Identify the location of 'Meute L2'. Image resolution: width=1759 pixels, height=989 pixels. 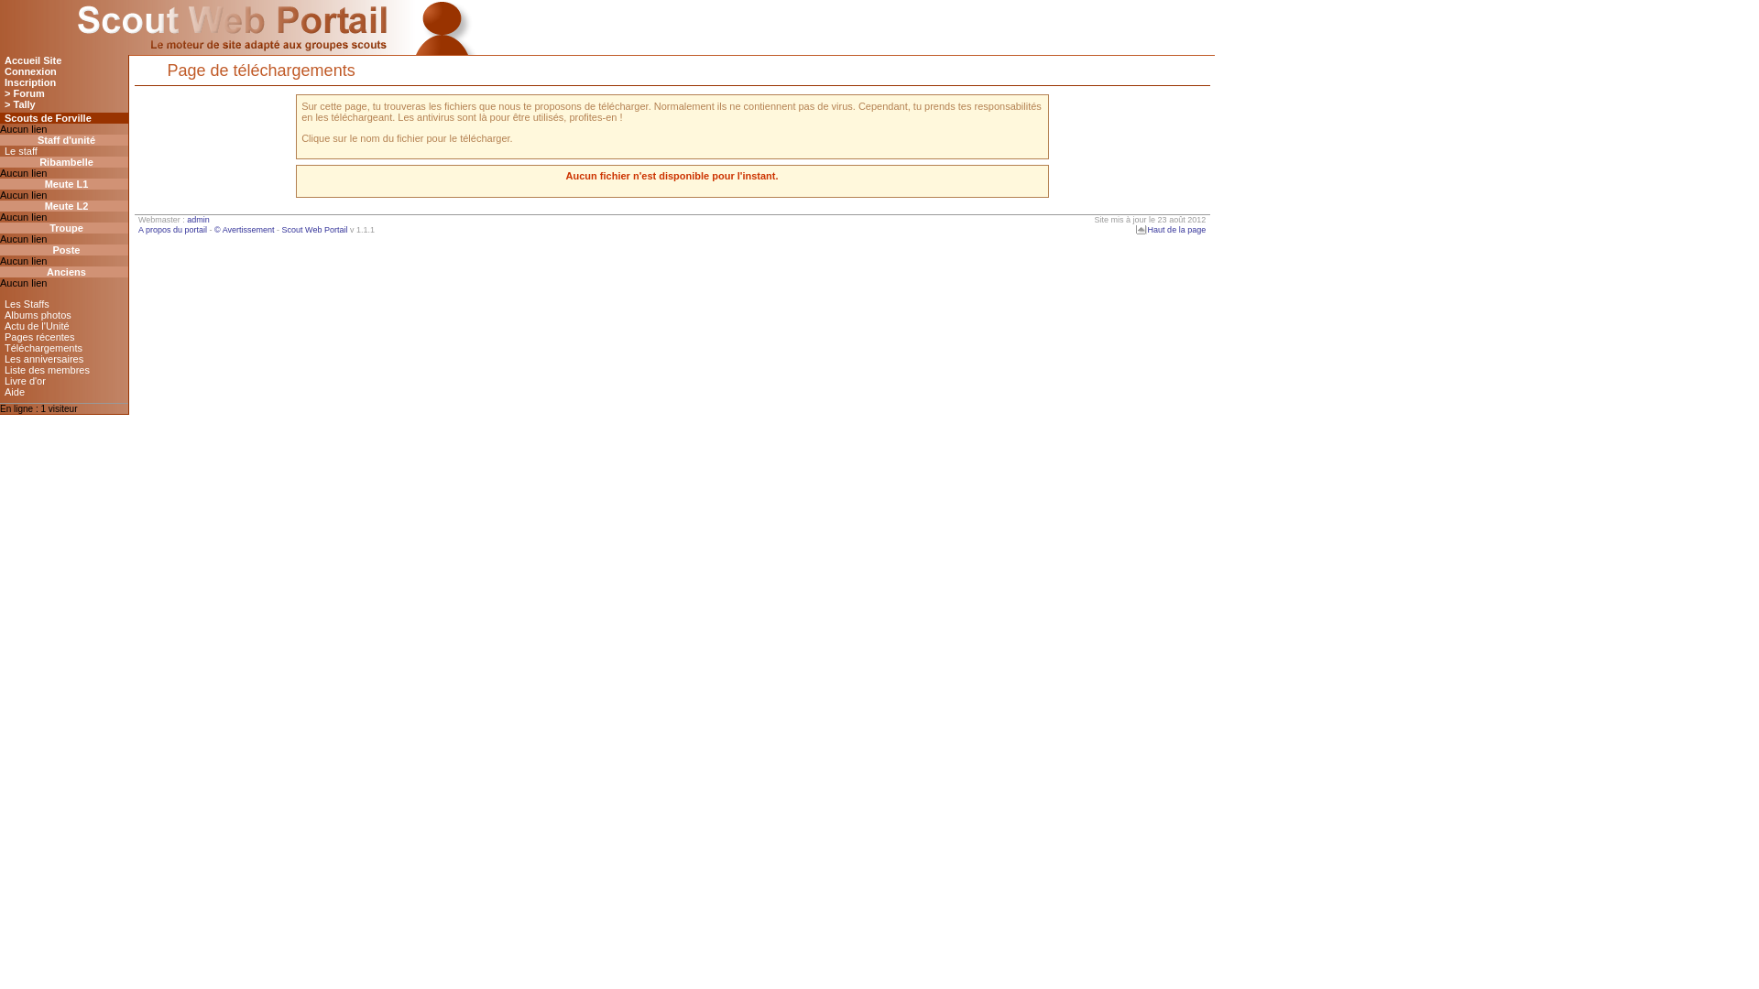
(64, 205).